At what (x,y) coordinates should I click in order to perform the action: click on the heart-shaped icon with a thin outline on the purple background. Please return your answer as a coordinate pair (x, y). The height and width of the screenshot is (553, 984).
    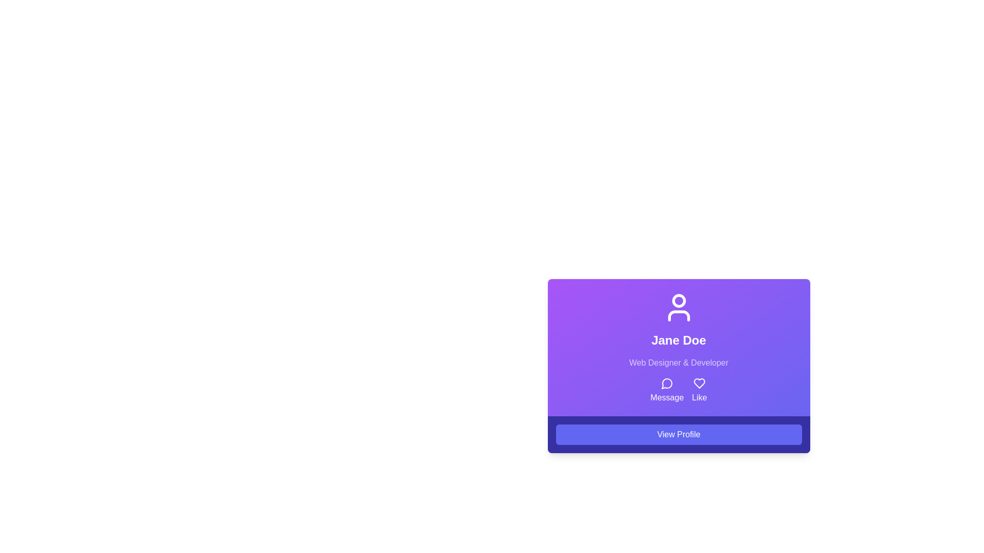
    Looking at the image, I should click on (699, 383).